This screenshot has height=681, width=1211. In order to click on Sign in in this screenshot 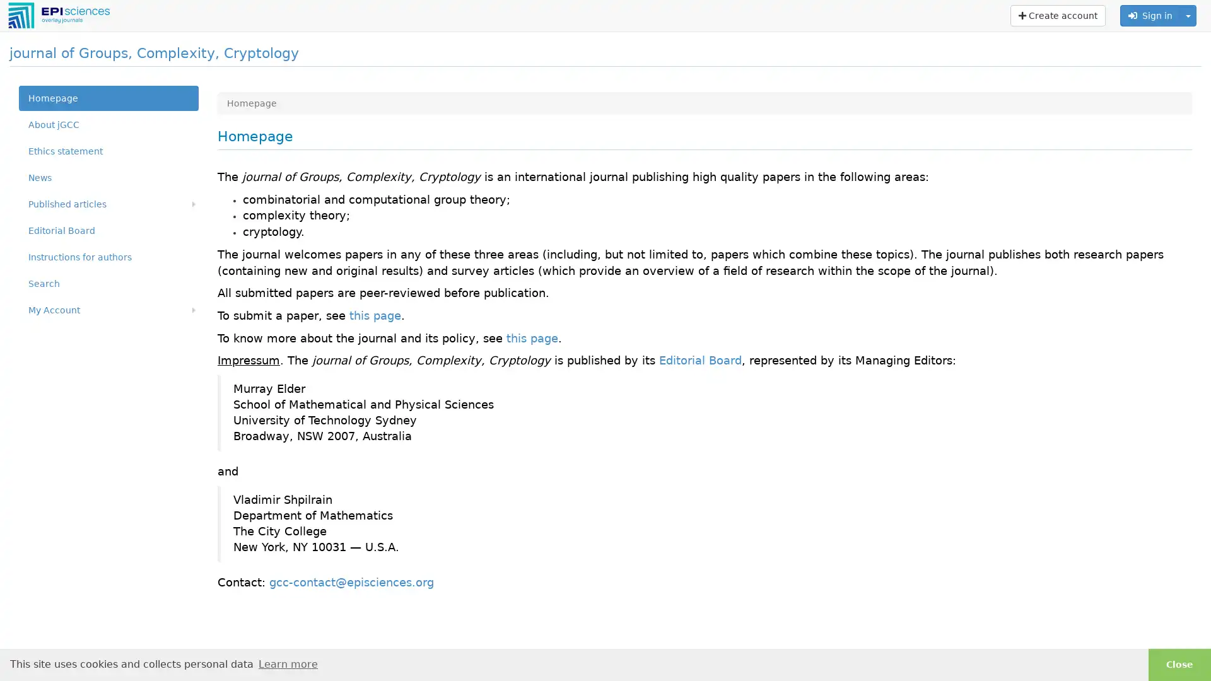, I will do `click(1150, 15)`.